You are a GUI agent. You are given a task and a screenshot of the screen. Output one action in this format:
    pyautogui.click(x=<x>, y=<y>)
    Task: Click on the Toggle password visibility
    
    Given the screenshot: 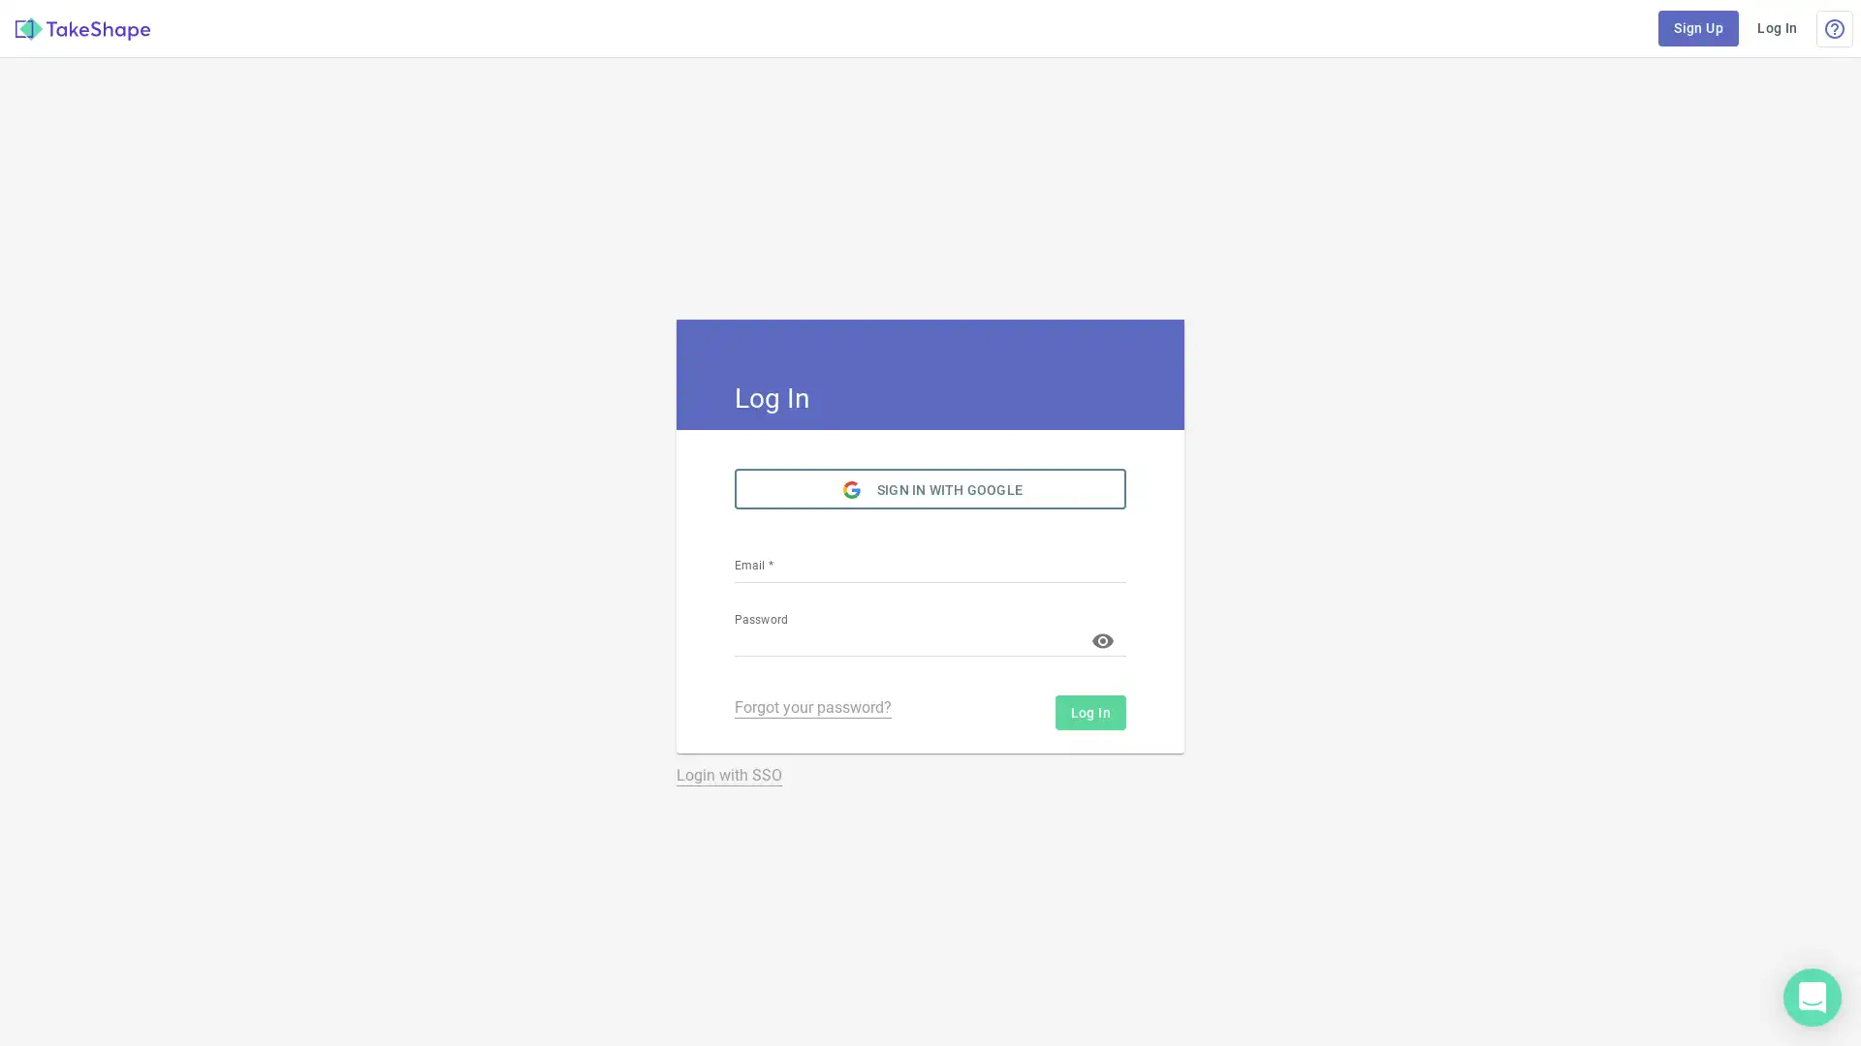 What is the action you would take?
    pyautogui.click(x=1102, y=639)
    